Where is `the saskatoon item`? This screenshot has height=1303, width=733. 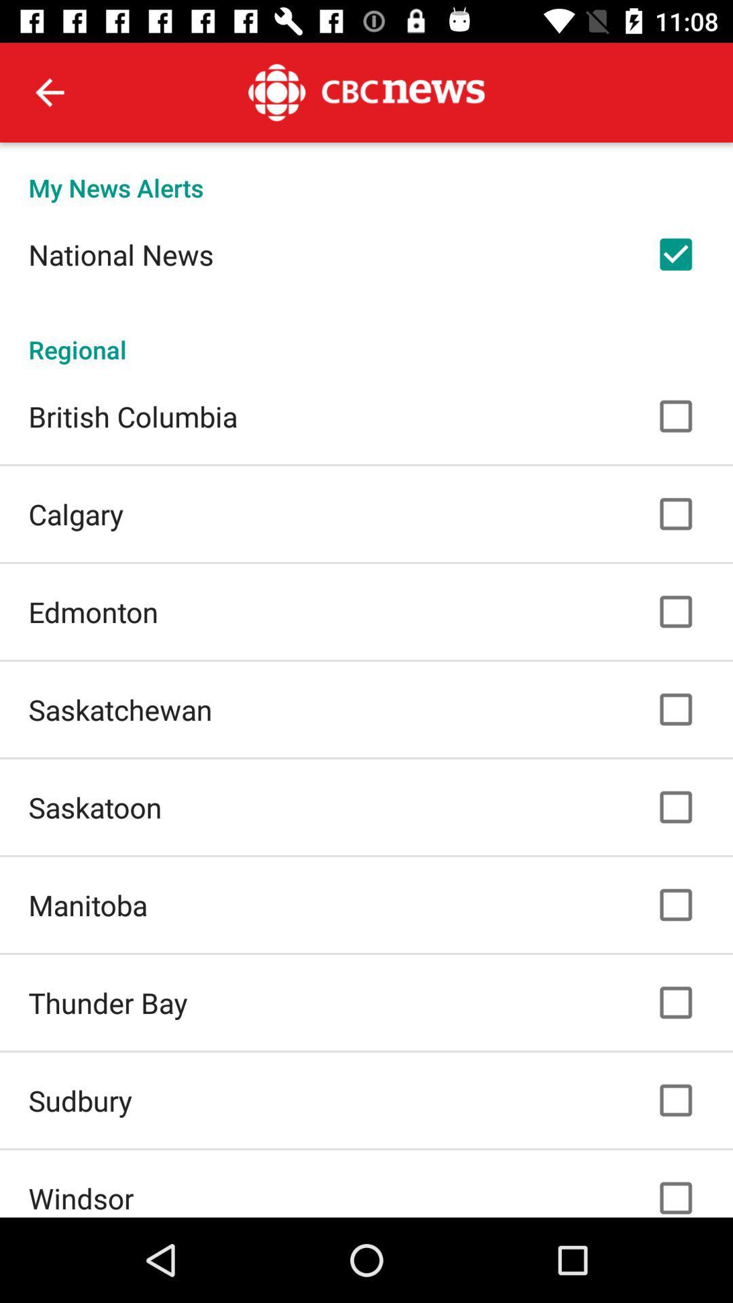 the saskatoon item is located at coordinates (94, 807).